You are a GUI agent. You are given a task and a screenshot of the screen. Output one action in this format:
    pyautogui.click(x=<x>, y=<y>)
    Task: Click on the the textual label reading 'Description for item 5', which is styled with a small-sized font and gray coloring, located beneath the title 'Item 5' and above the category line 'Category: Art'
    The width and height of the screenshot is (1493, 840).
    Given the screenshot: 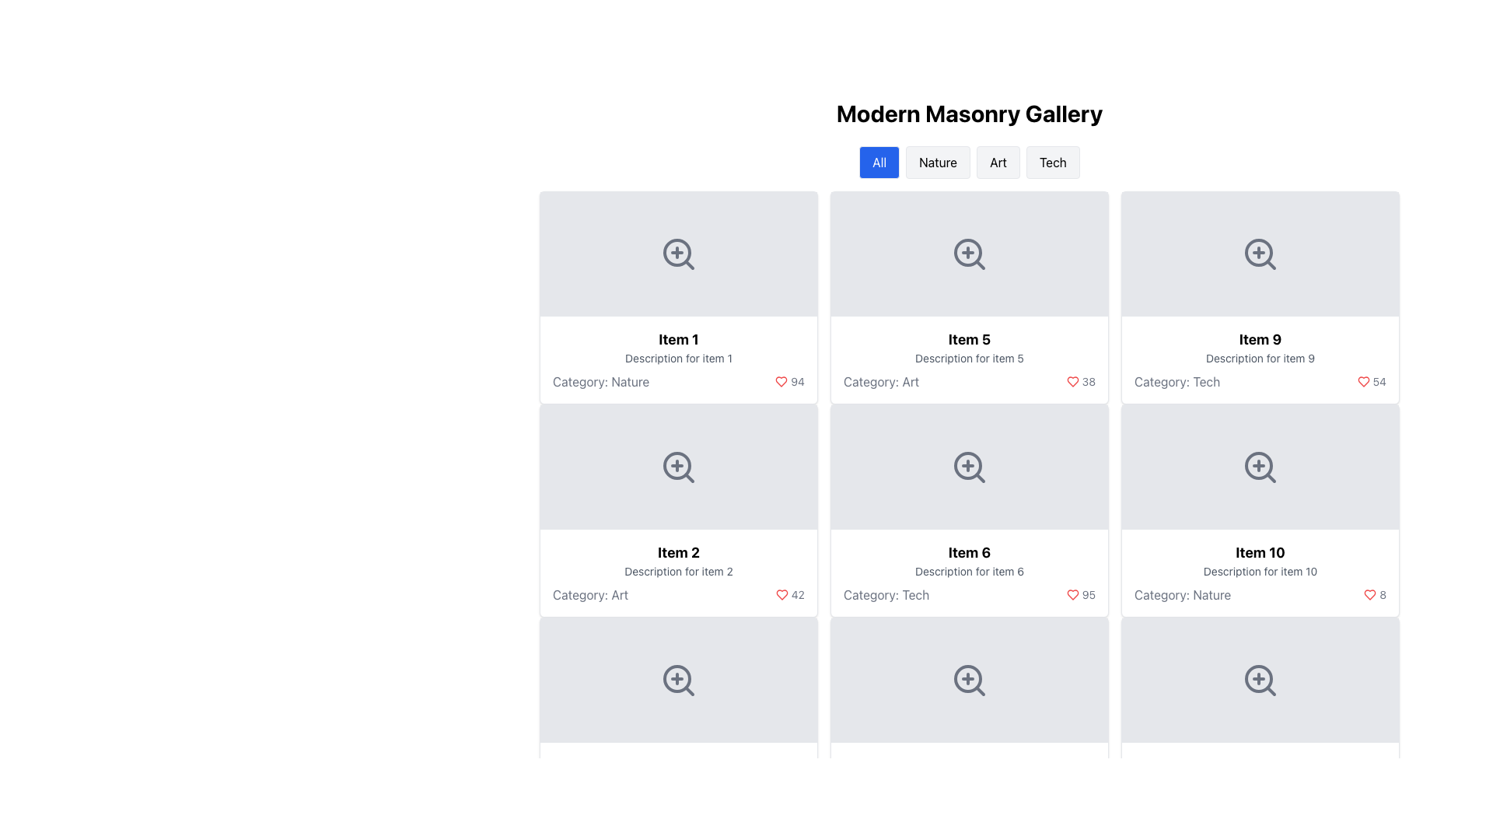 What is the action you would take?
    pyautogui.click(x=969, y=359)
    